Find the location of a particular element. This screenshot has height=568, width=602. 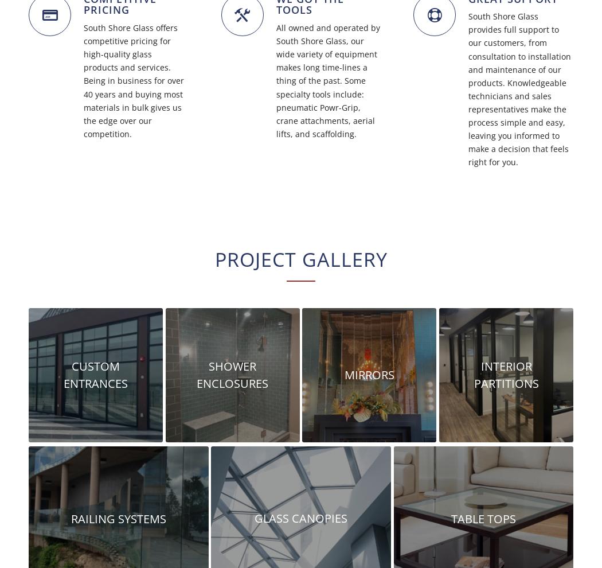

'Project Gallery' is located at coordinates (300, 259).